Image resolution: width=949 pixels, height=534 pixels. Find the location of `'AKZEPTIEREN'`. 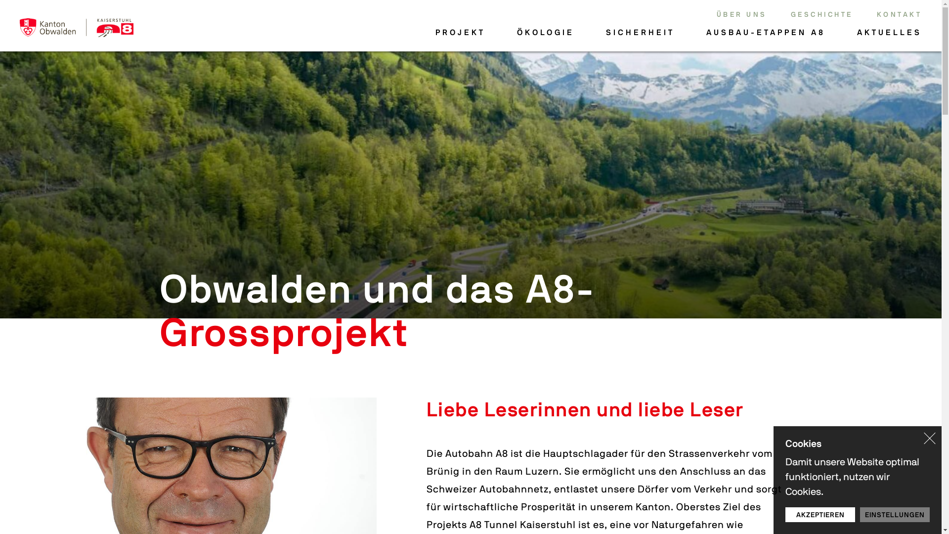

'AKZEPTIEREN' is located at coordinates (820, 514).